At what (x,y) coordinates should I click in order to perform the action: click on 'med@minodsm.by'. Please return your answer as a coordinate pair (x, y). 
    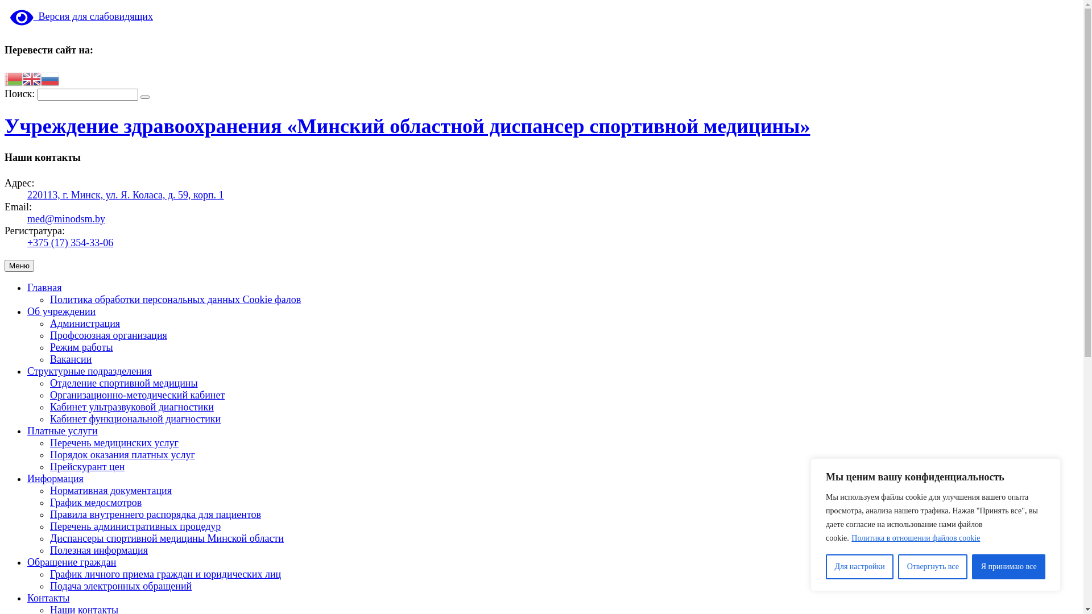
    Looking at the image, I should click on (65, 219).